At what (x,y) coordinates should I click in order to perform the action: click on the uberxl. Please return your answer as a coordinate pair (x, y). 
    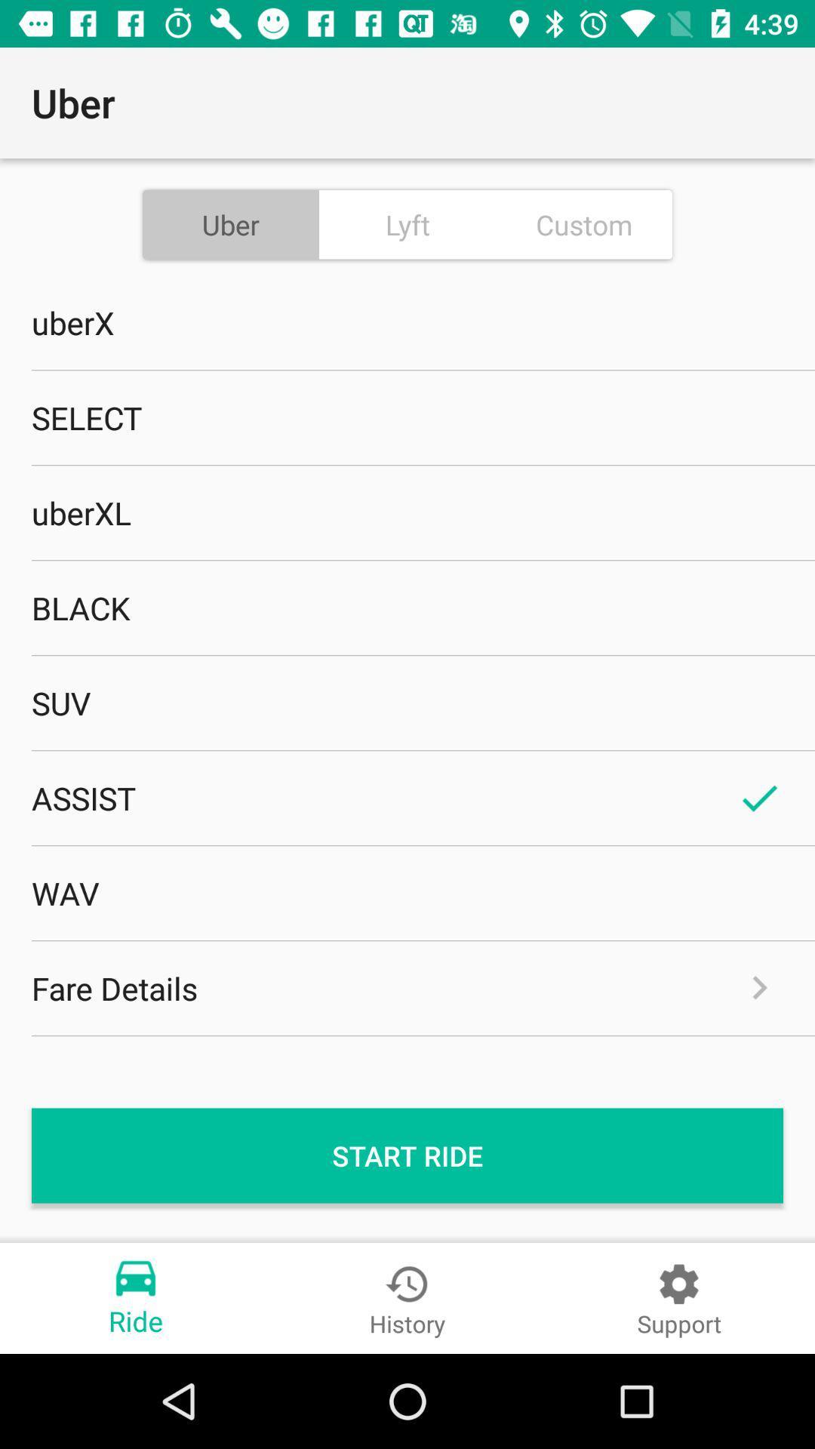
    Looking at the image, I should click on (407, 512).